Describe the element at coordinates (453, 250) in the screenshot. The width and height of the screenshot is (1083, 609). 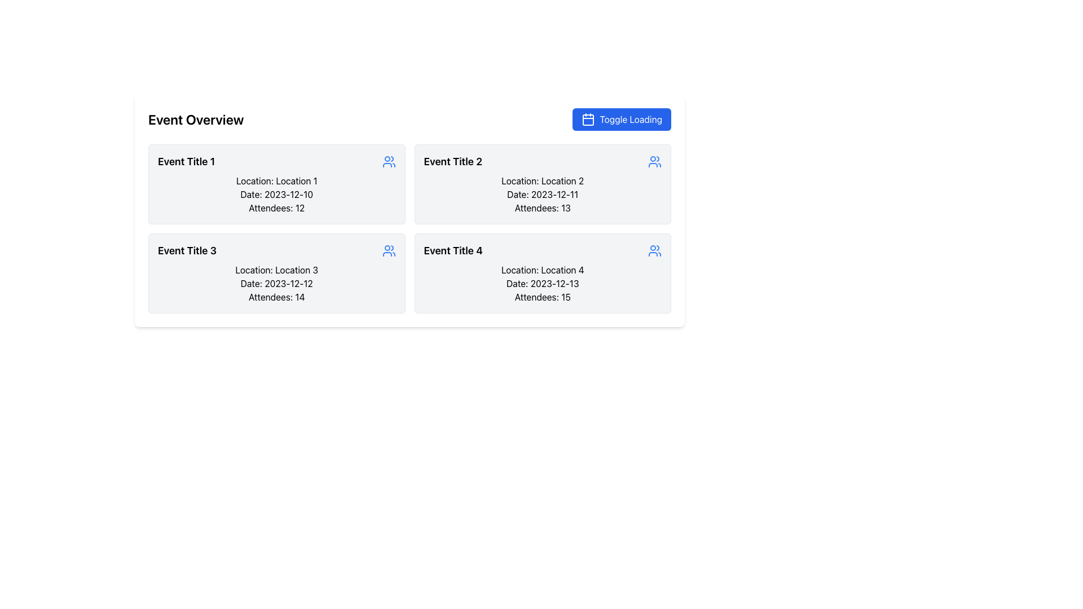
I see `the text label that serves as the title or name of the associated event, located in the bottom-right corner of the event card` at that location.